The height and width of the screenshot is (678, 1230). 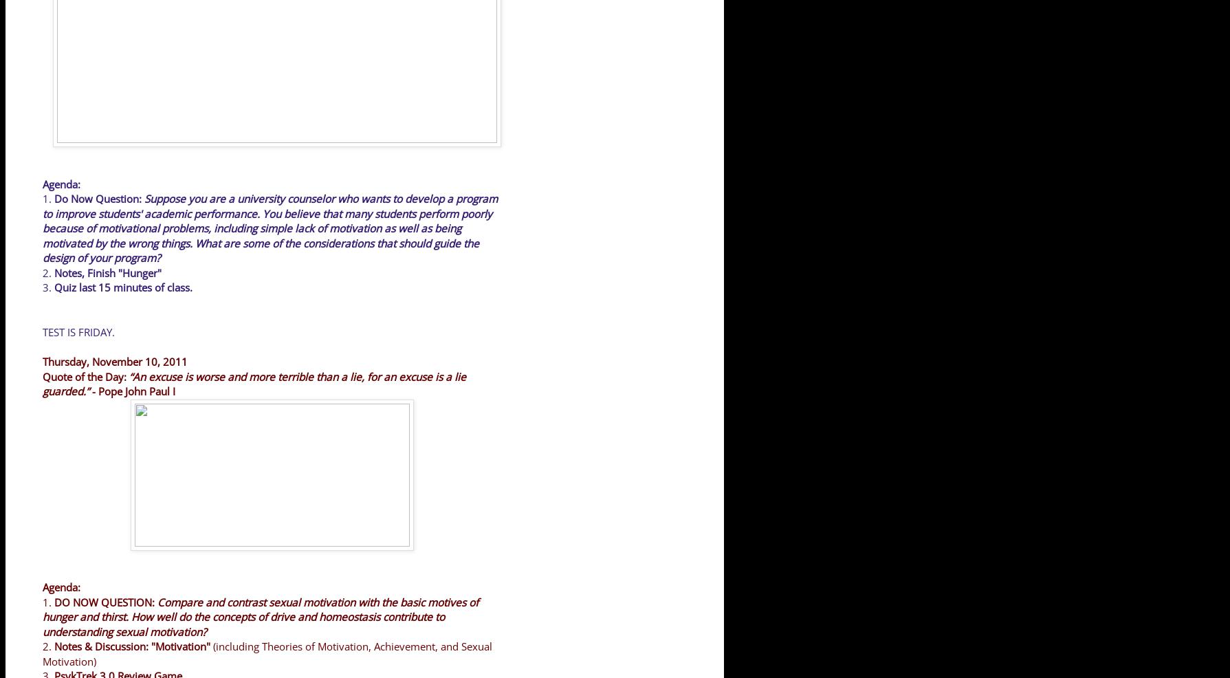 I want to click on 'Suppose you are a university counselor who wants to develop a program to improve students' academic performance. You believe that many students perform poorly because of motivational problems, including simple lack of motivation as well as being motivated by the wrong things. What are some of the considerations that should guide the design of your program?', so click(x=270, y=228).